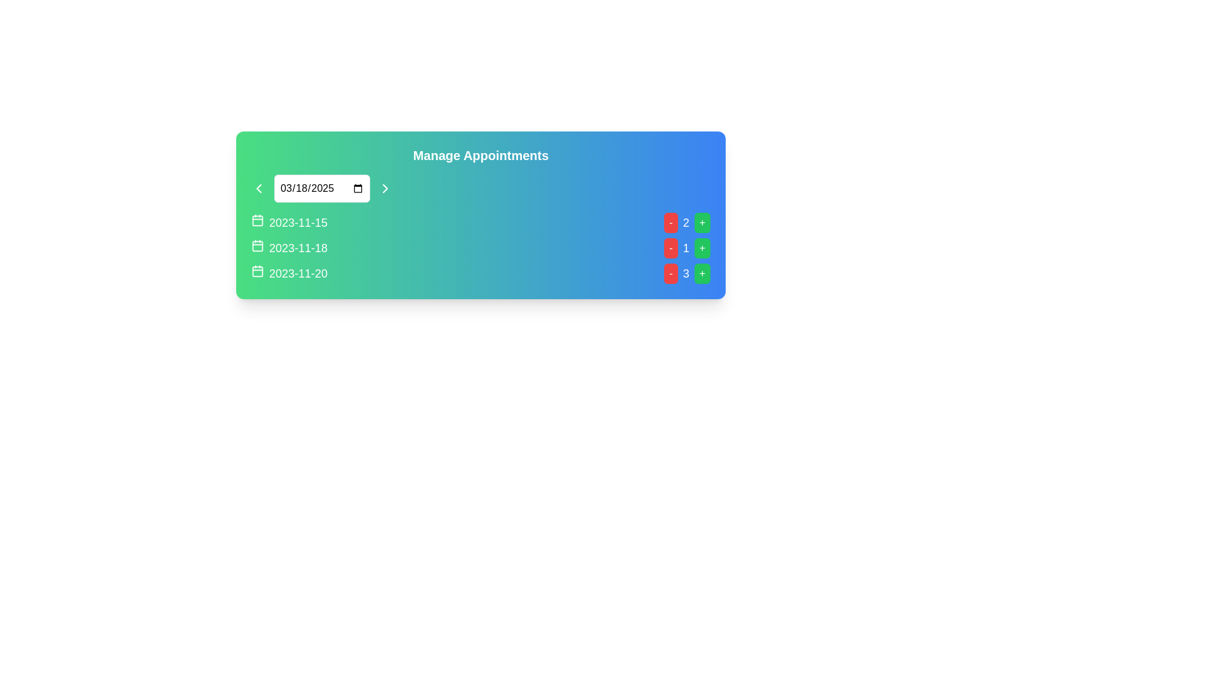 This screenshot has height=686, width=1219. I want to click on the green button with rounded corners and a '+' symbol, so click(702, 248).